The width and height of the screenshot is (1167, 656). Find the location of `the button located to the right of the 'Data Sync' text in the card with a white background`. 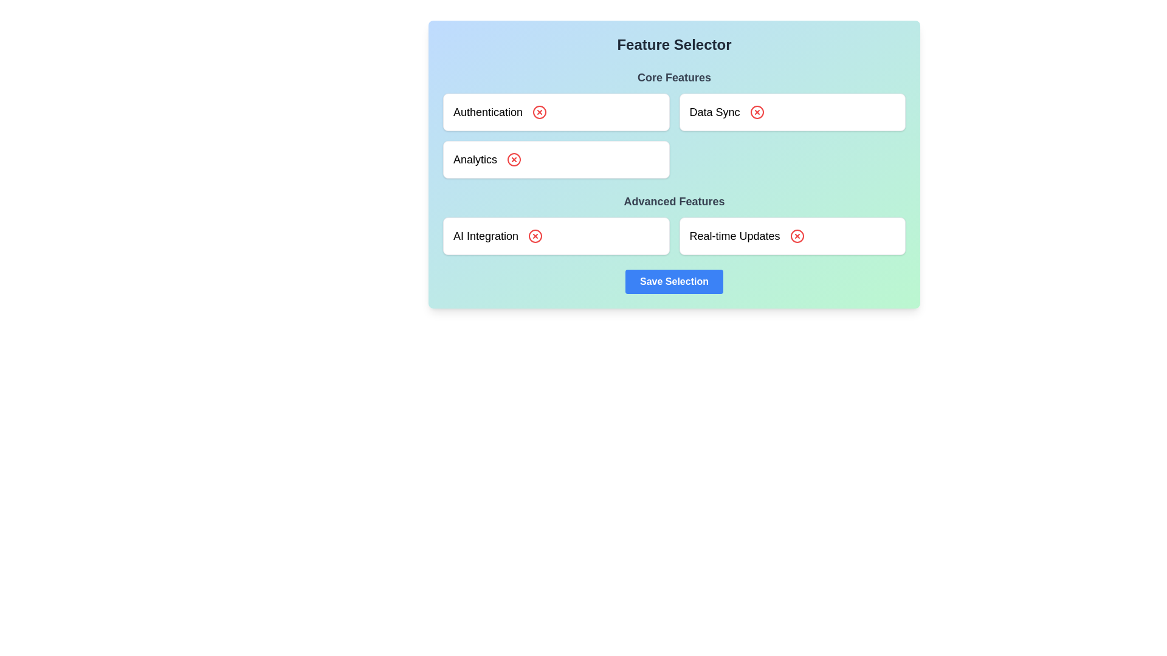

the button located to the right of the 'Data Sync' text in the card with a white background is located at coordinates (756, 112).